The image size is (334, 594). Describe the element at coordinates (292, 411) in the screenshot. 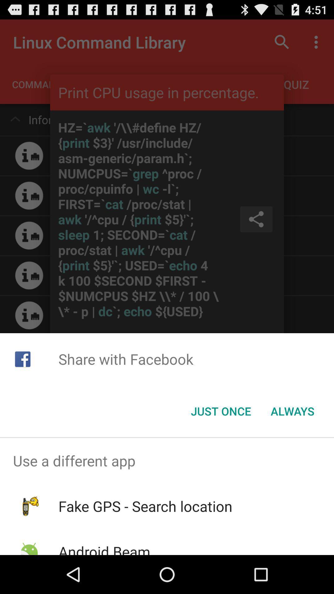

I see `the item below the share with facebook icon` at that location.